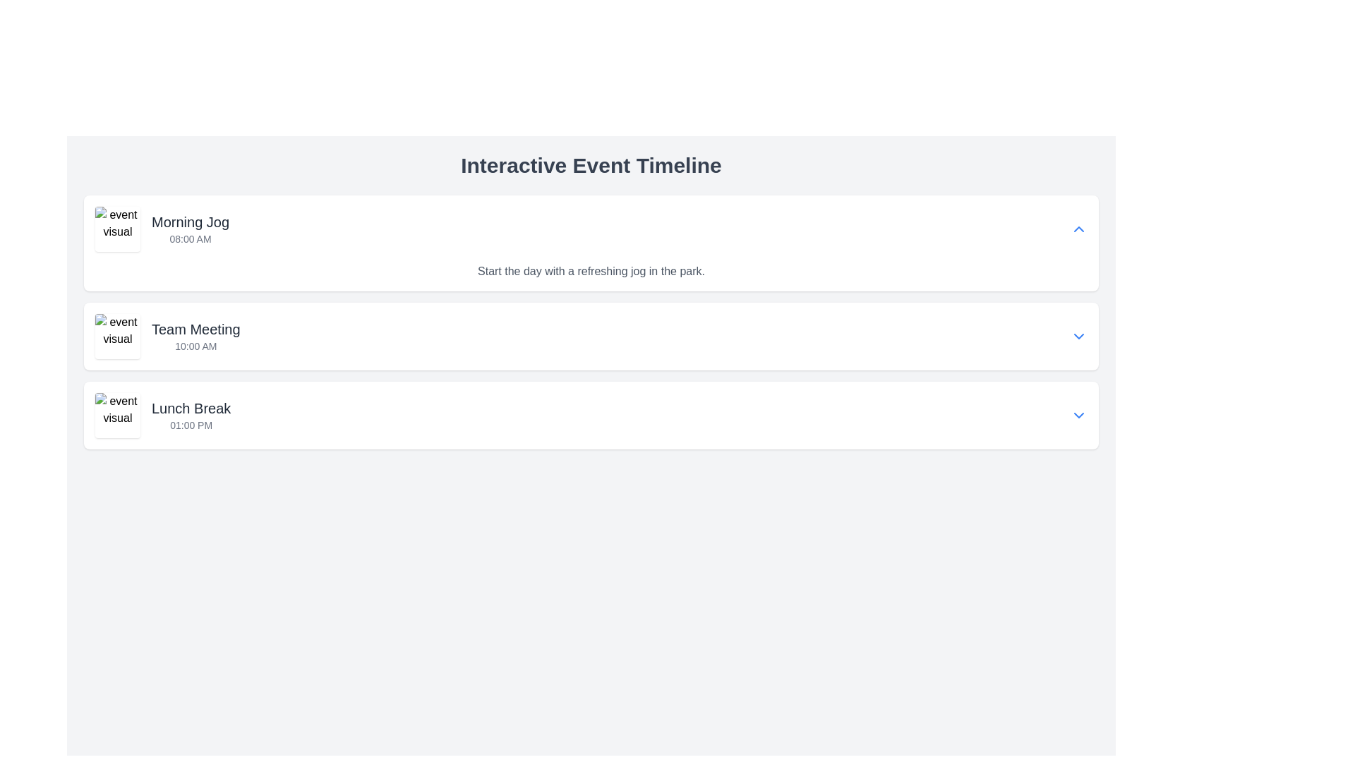  What do you see at coordinates (1078, 337) in the screenshot?
I see `the downward-facing blue chevron button located at the far right of the 'Team Meeting' entry in the event timeline` at bounding box center [1078, 337].